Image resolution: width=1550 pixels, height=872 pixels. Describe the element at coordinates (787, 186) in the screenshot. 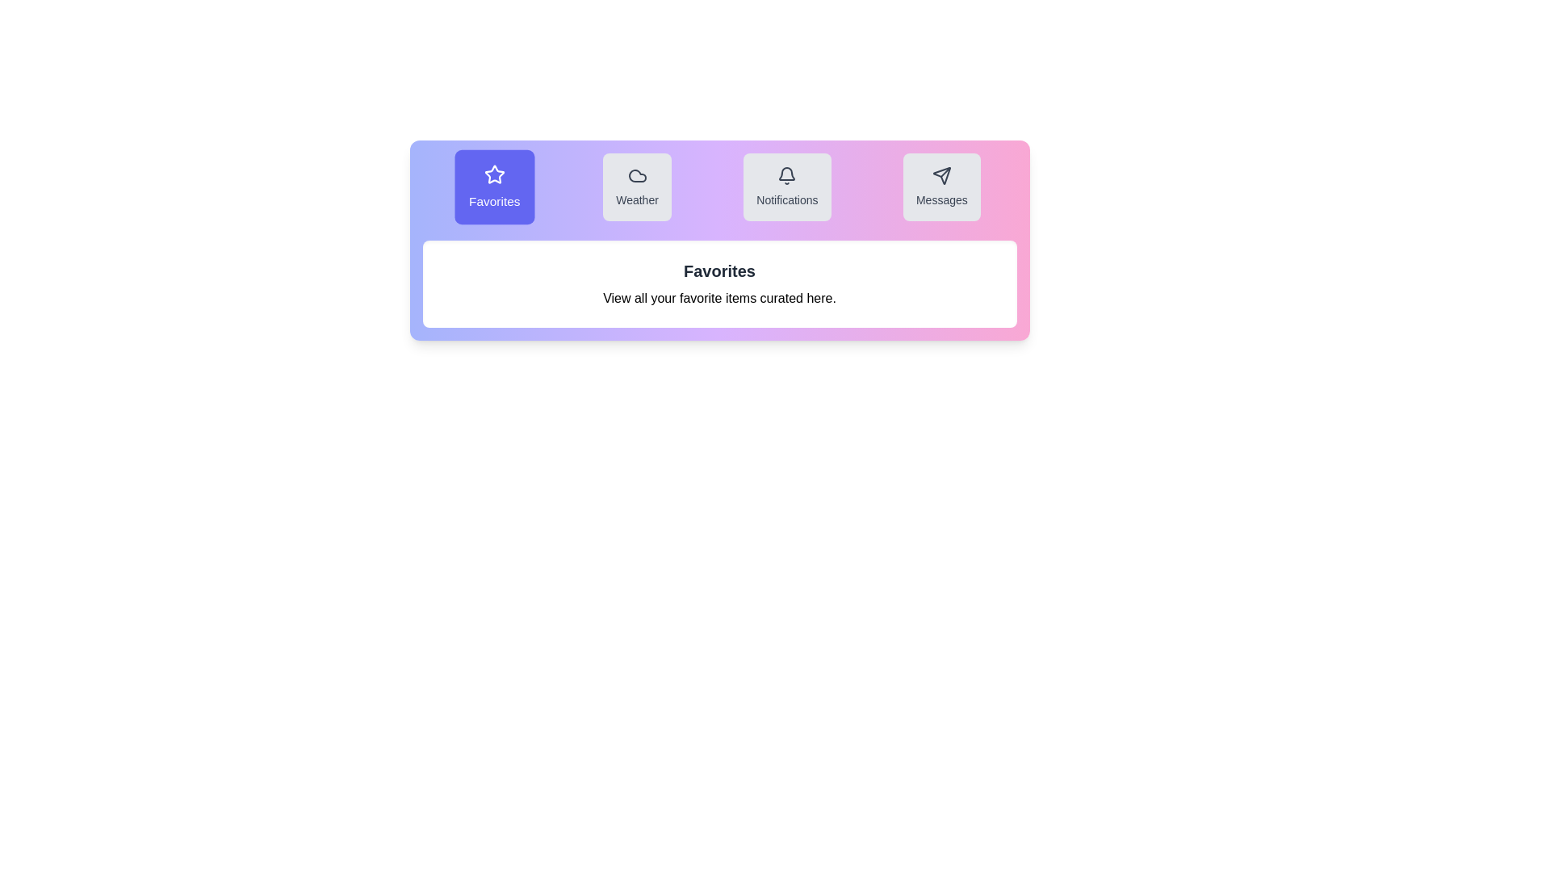

I see `the tab labeled Notifications to observe its visual effect` at that location.